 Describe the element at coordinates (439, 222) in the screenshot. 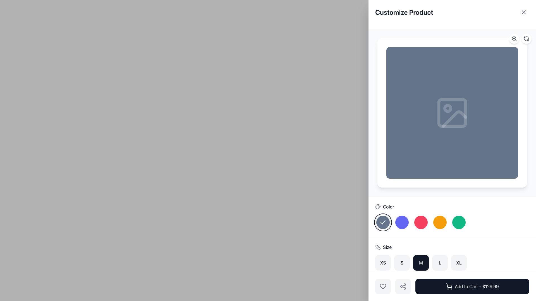

I see `the amber color selection button, which is the third button from the left in the row of color options located beneath the product image on the right-hand side of the interface` at that location.